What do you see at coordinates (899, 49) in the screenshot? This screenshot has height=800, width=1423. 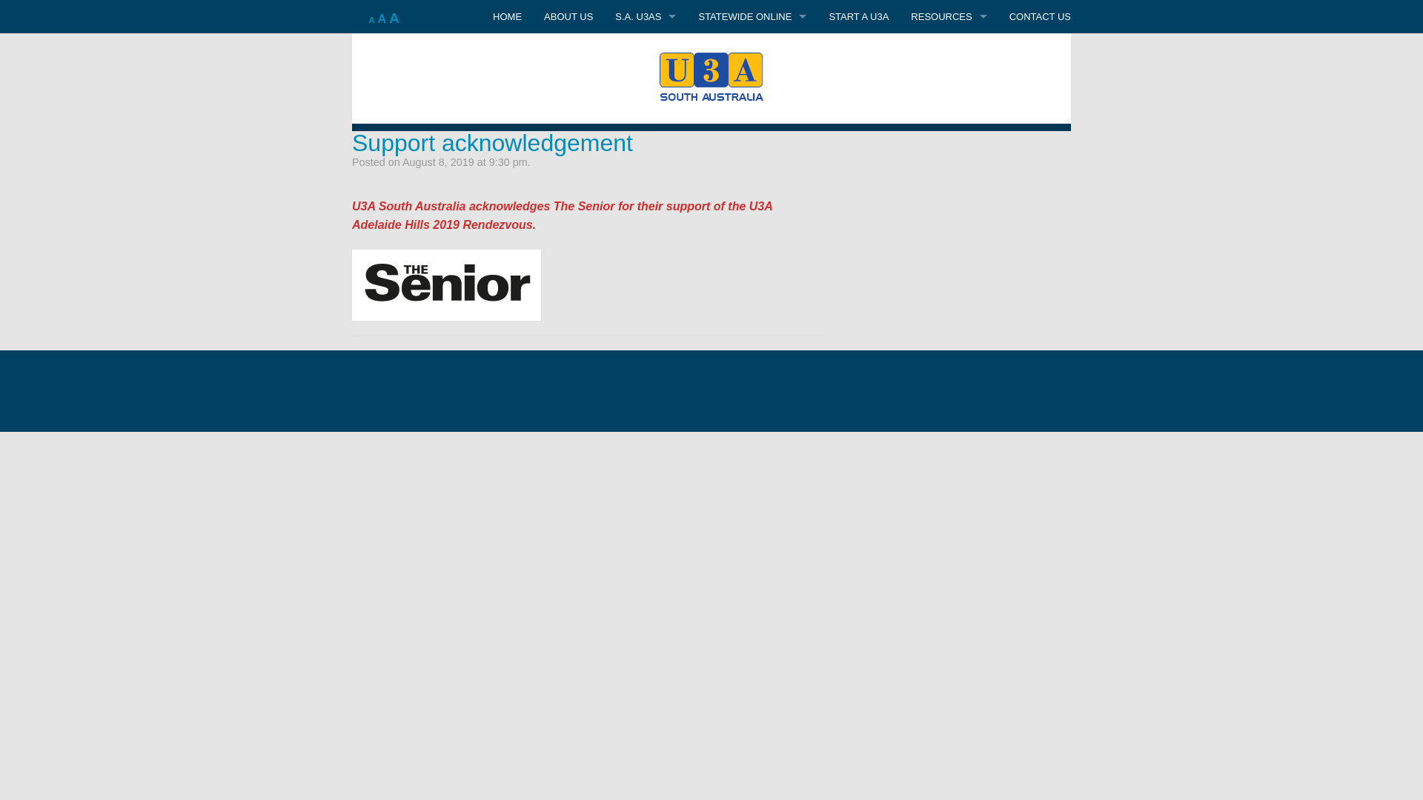 I see `'FACT SHEETS'` at bounding box center [899, 49].